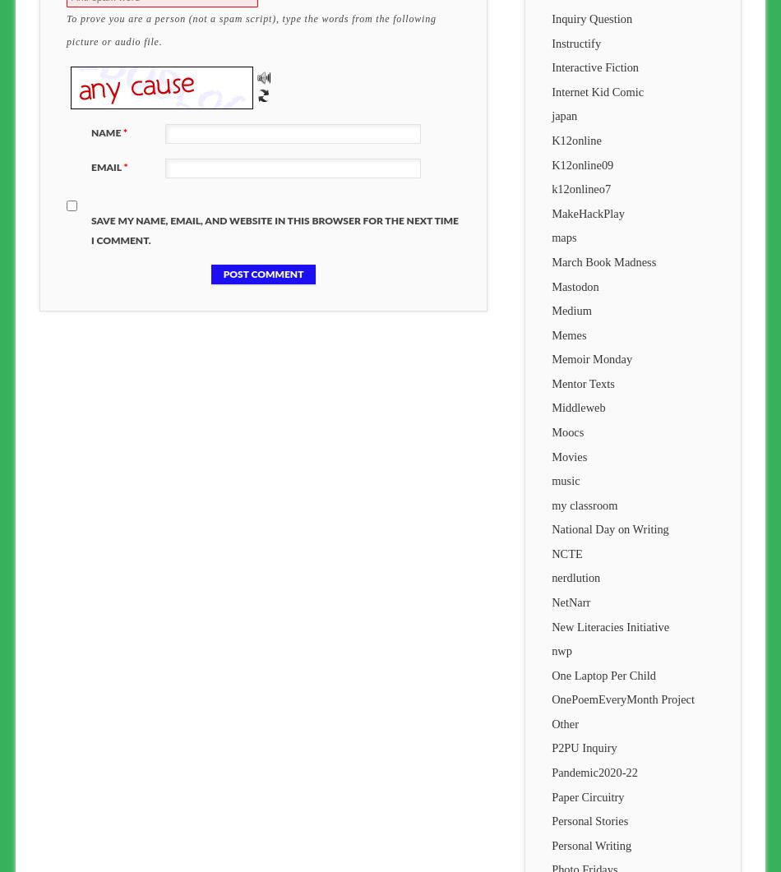 The width and height of the screenshot is (781, 872). I want to click on 'OnePoemEveryMonth Project', so click(622, 699).